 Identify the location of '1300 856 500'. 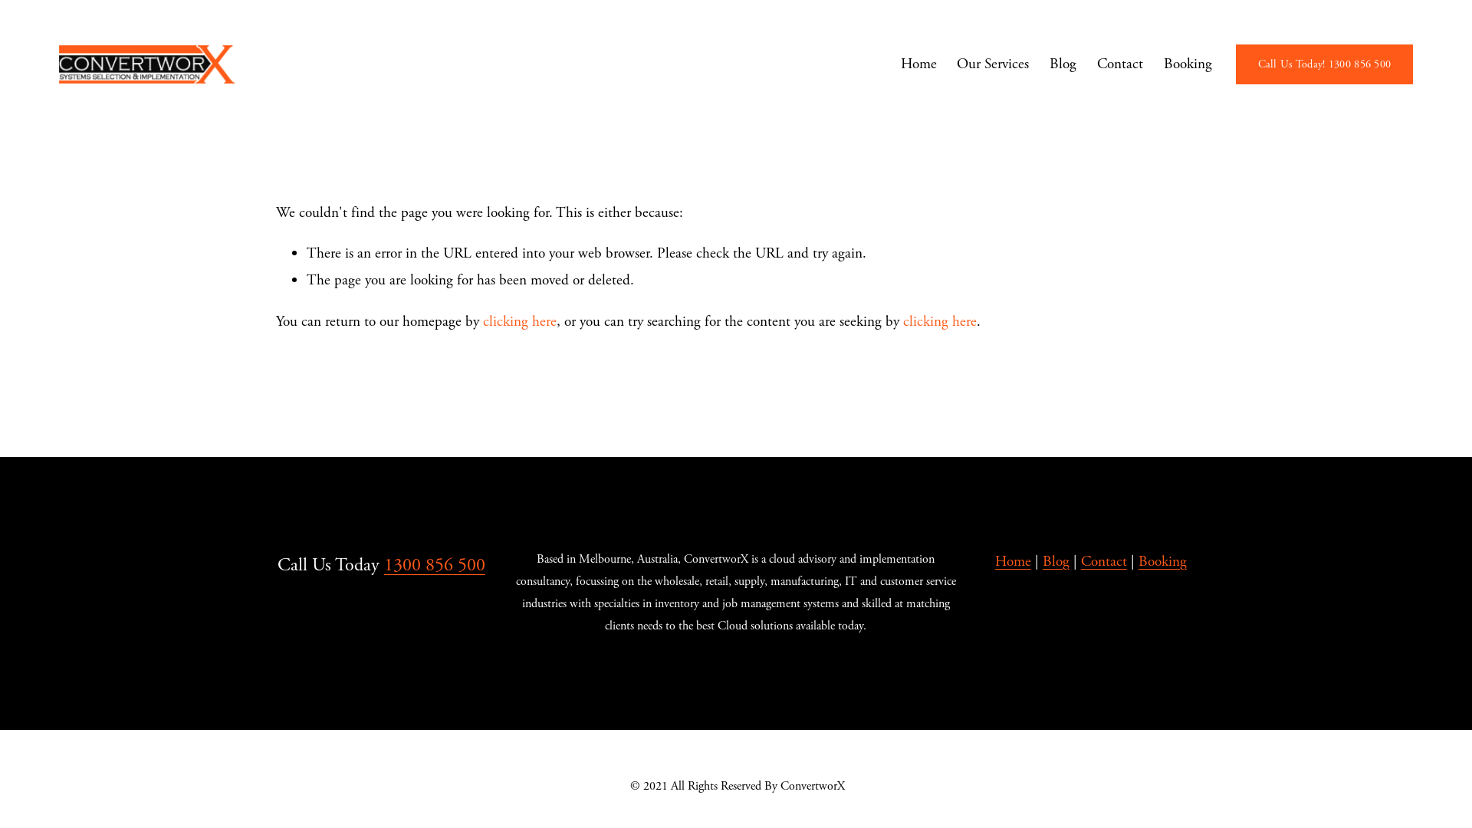
(433, 565).